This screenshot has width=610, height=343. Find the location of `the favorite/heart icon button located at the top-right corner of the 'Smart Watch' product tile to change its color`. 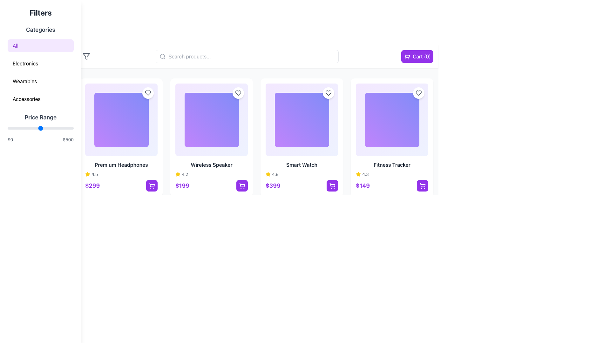

the favorite/heart icon button located at the top-right corner of the 'Smart Watch' product tile to change its color is located at coordinates (328, 93).